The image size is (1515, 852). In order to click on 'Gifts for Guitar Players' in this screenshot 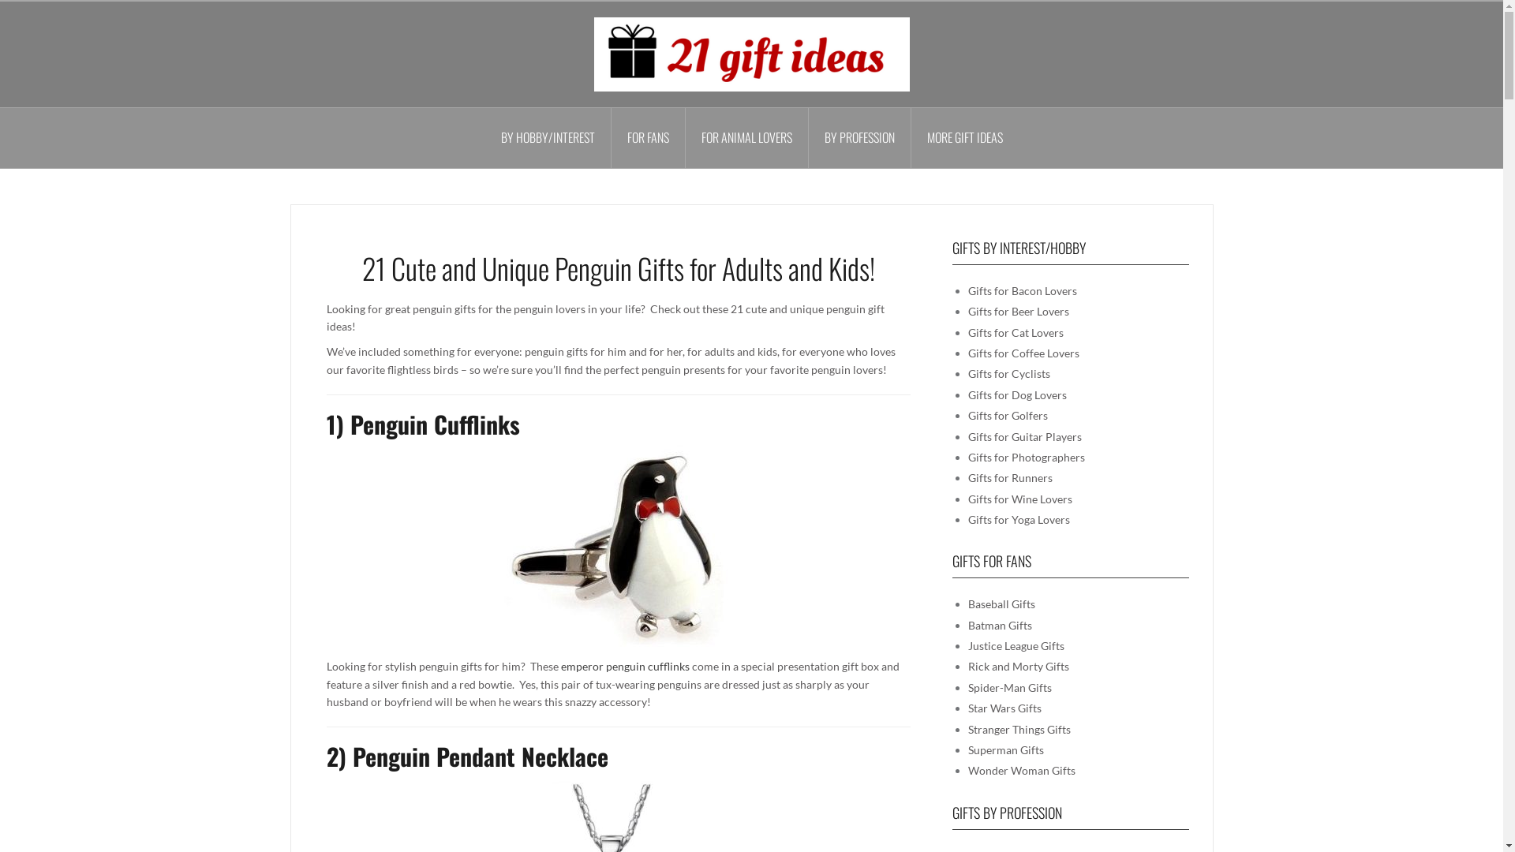, I will do `click(1023, 436)`.